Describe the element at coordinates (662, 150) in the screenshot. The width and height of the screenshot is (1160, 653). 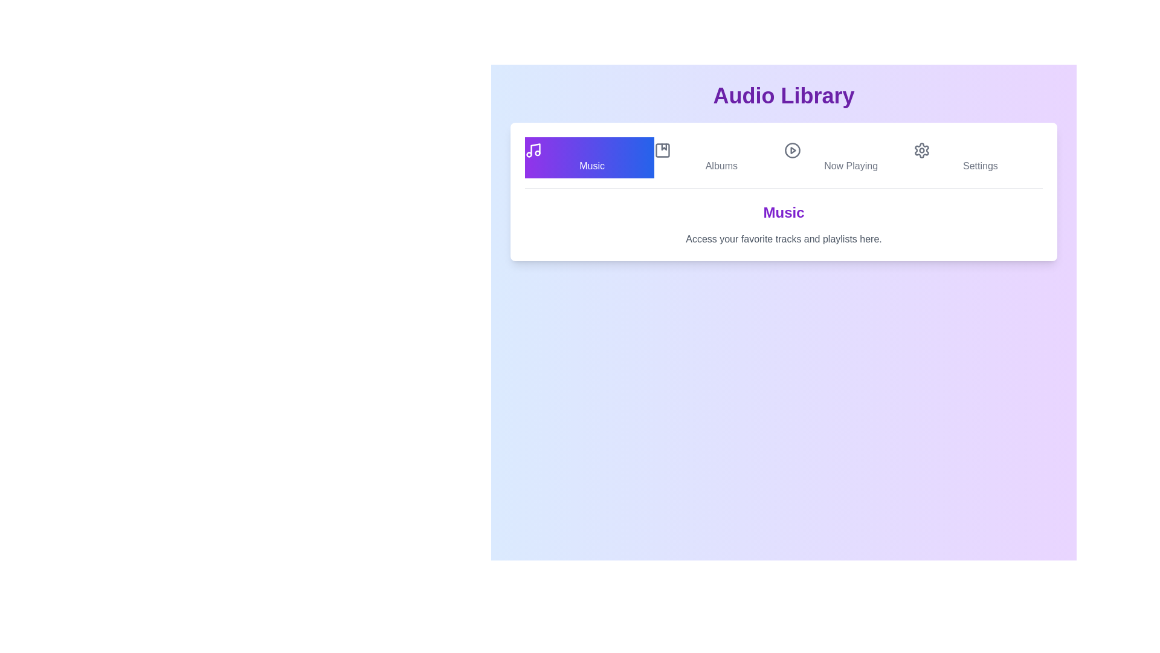
I see `the album icon represented by a monochromatic SVG element with a square outline and a photographic depiction, located in the 'Albums' section of the navigation interface` at that location.